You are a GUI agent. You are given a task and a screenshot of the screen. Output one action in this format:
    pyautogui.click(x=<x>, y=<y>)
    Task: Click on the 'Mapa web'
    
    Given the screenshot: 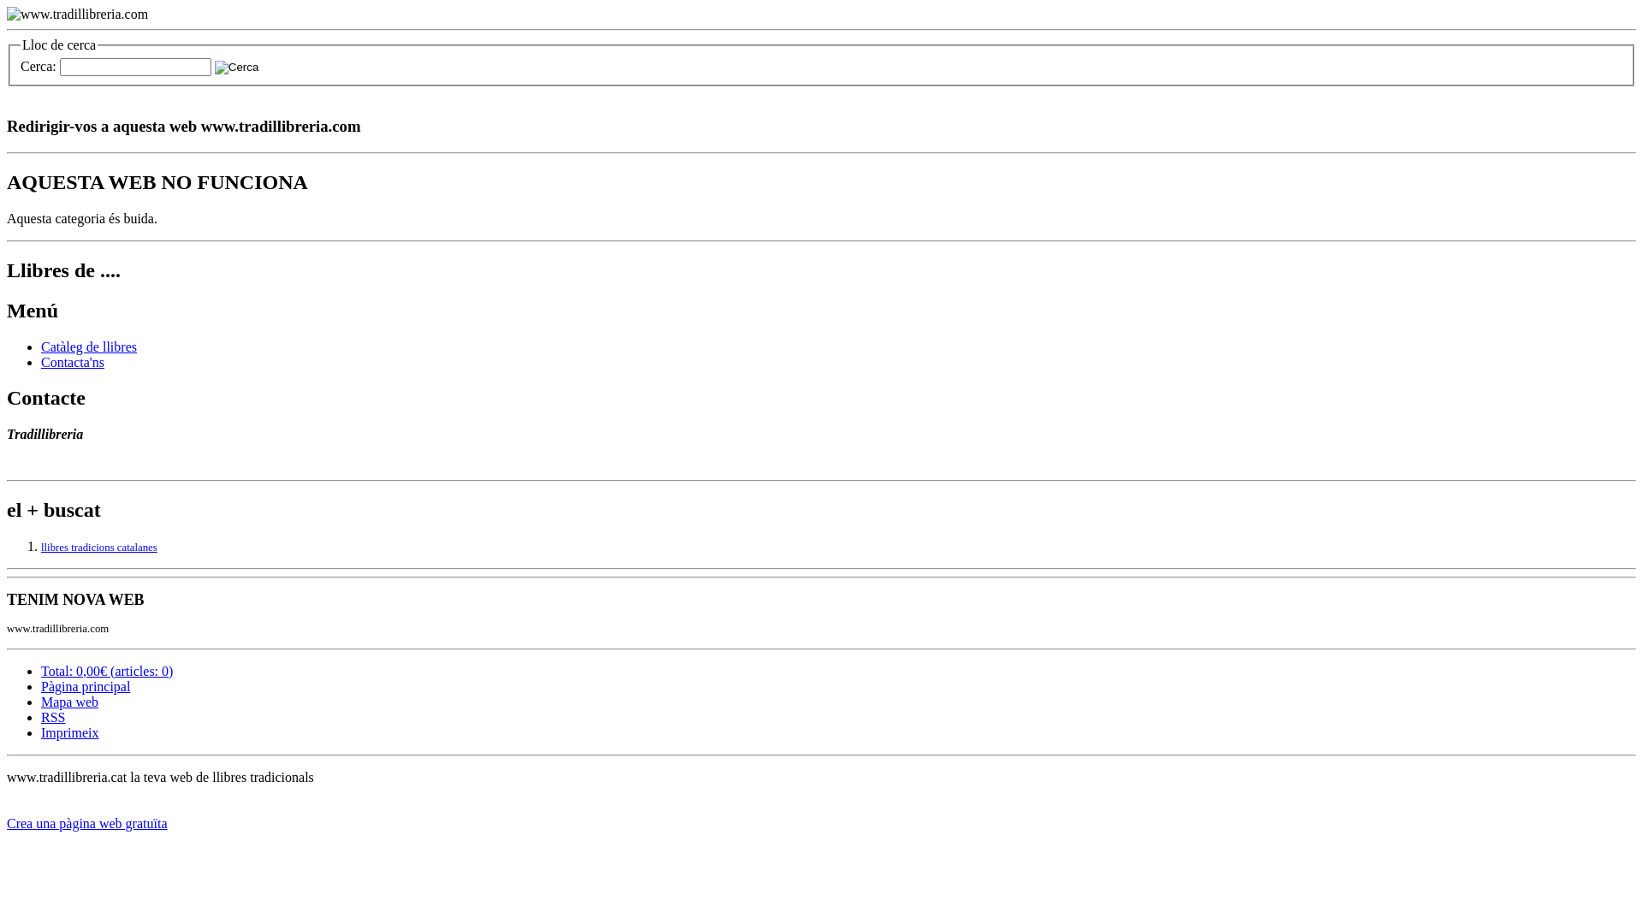 What is the action you would take?
    pyautogui.click(x=68, y=702)
    